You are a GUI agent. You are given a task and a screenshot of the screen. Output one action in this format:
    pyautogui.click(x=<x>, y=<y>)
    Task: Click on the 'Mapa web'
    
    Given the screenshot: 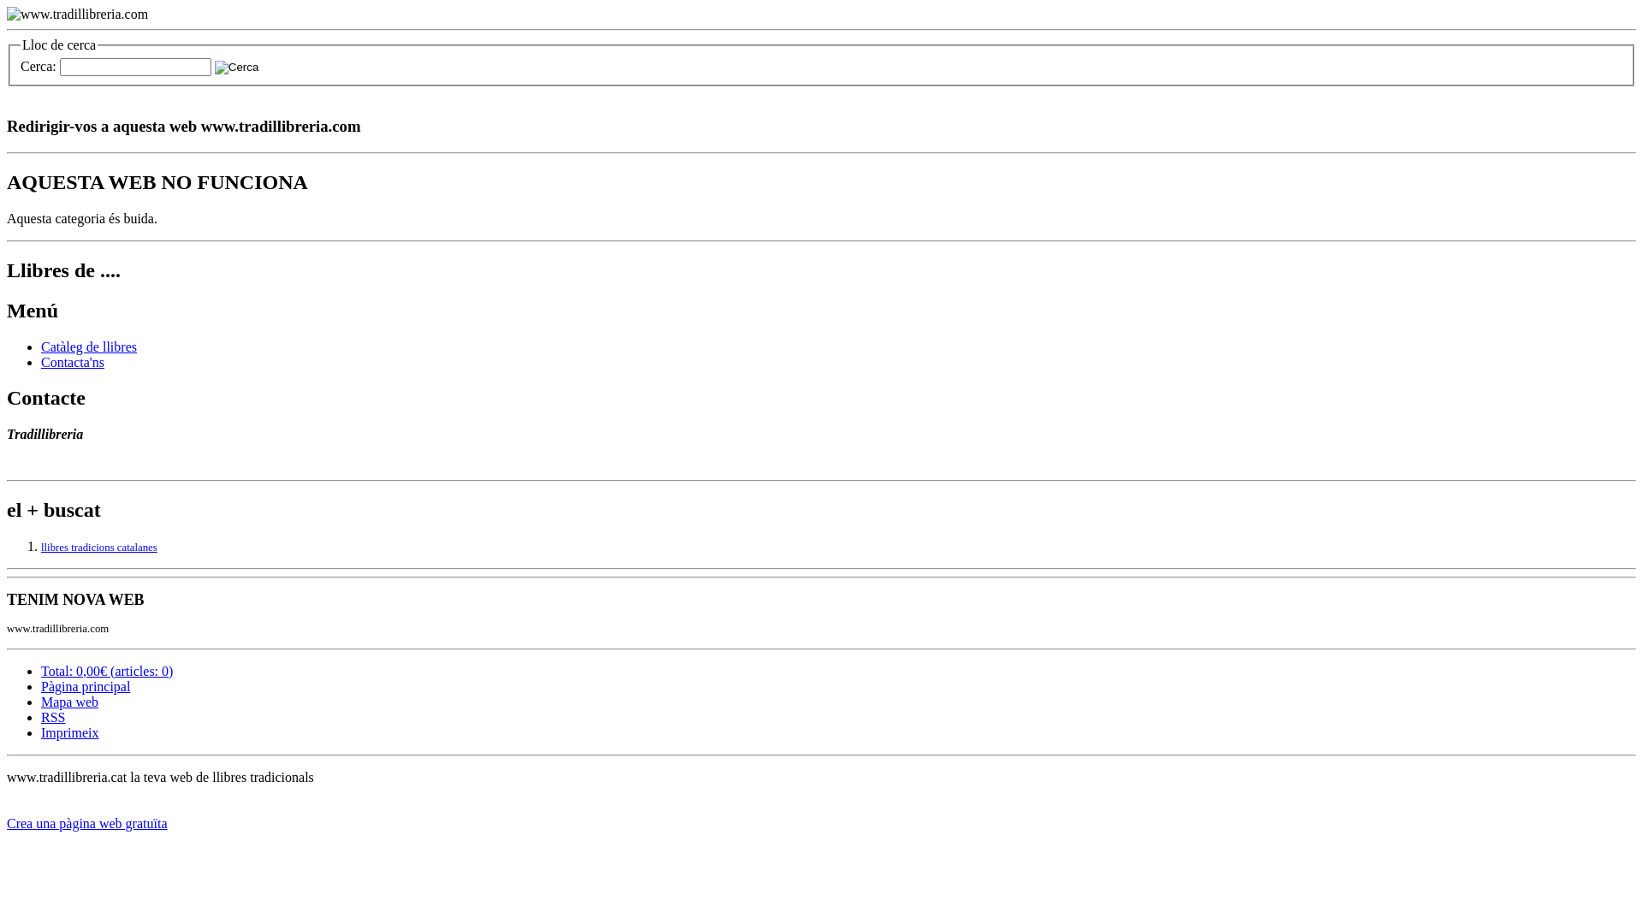 What is the action you would take?
    pyautogui.click(x=68, y=702)
    